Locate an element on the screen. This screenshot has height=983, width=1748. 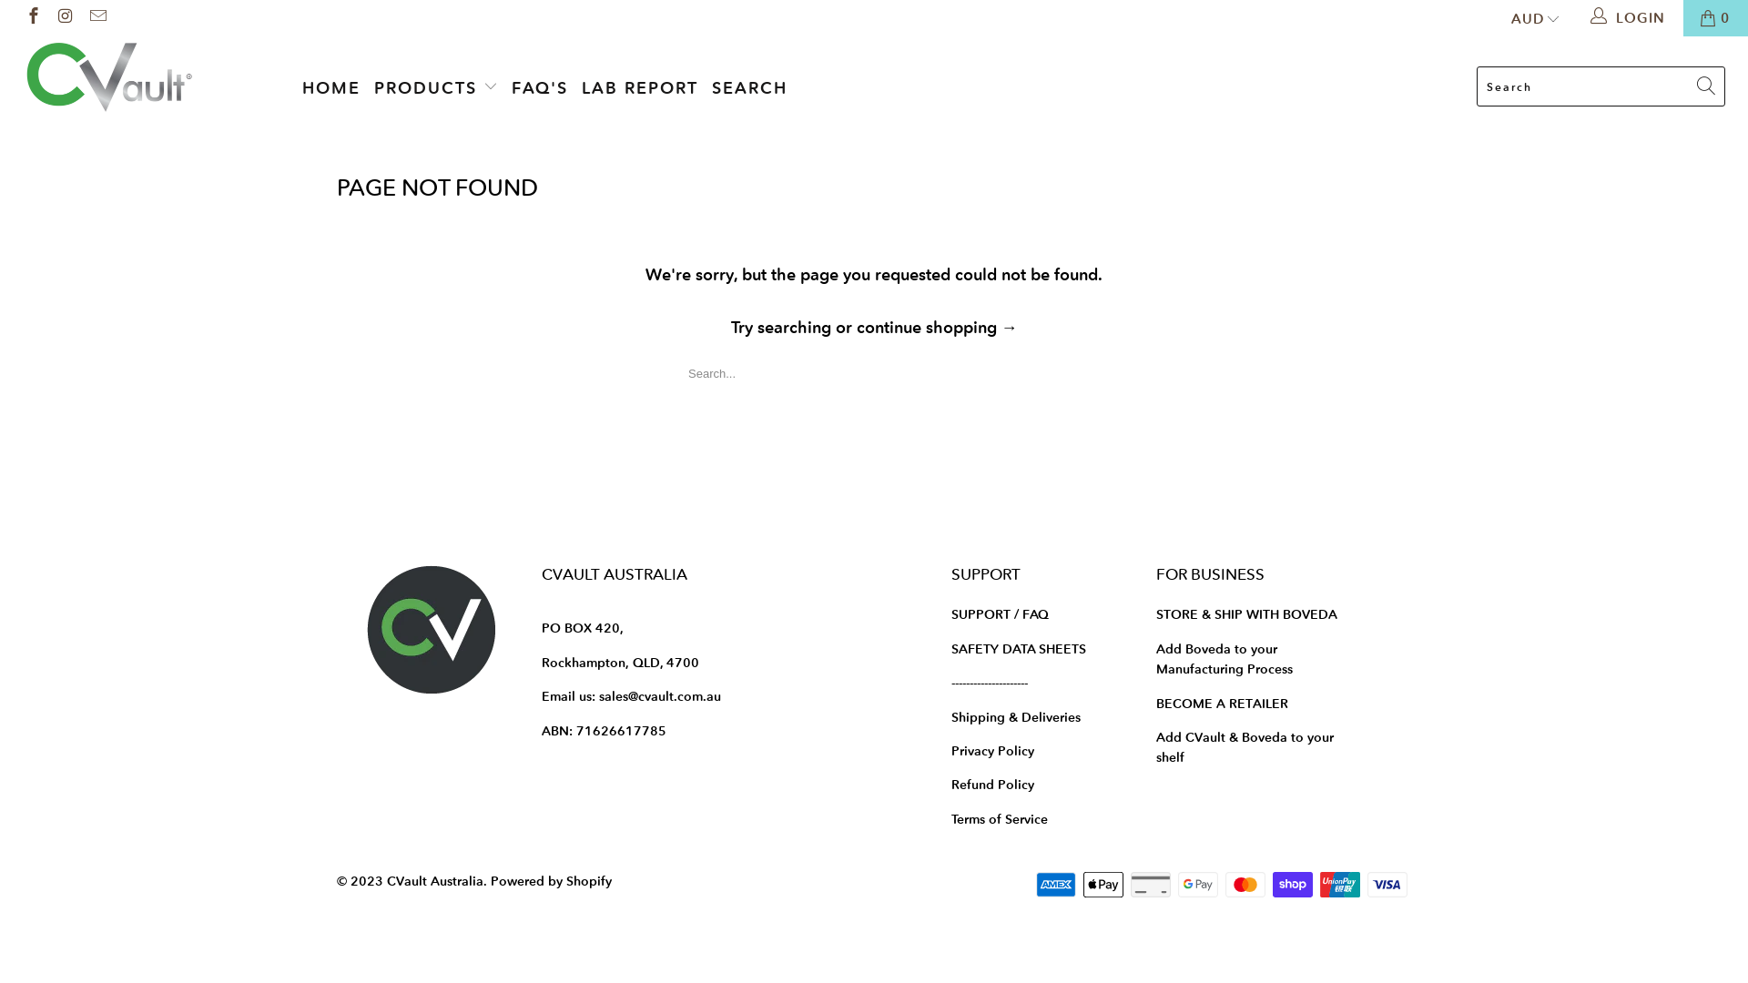
'Powered by Shopify' is located at coordinates (550, 880).